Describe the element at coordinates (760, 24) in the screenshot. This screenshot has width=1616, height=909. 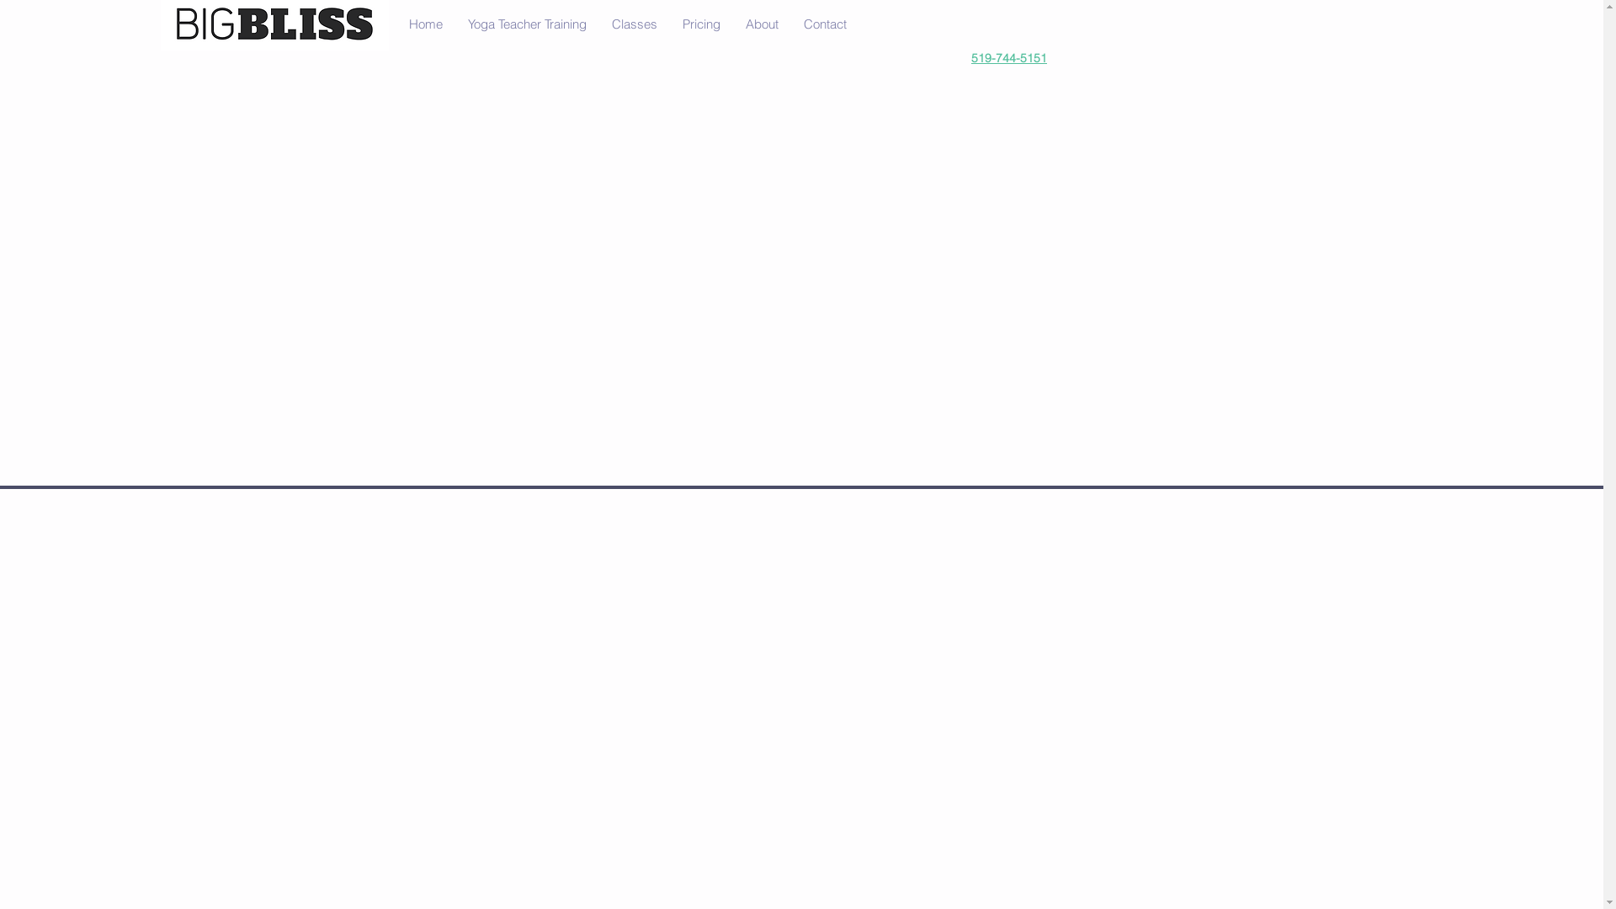
I see `'About'` at that location.